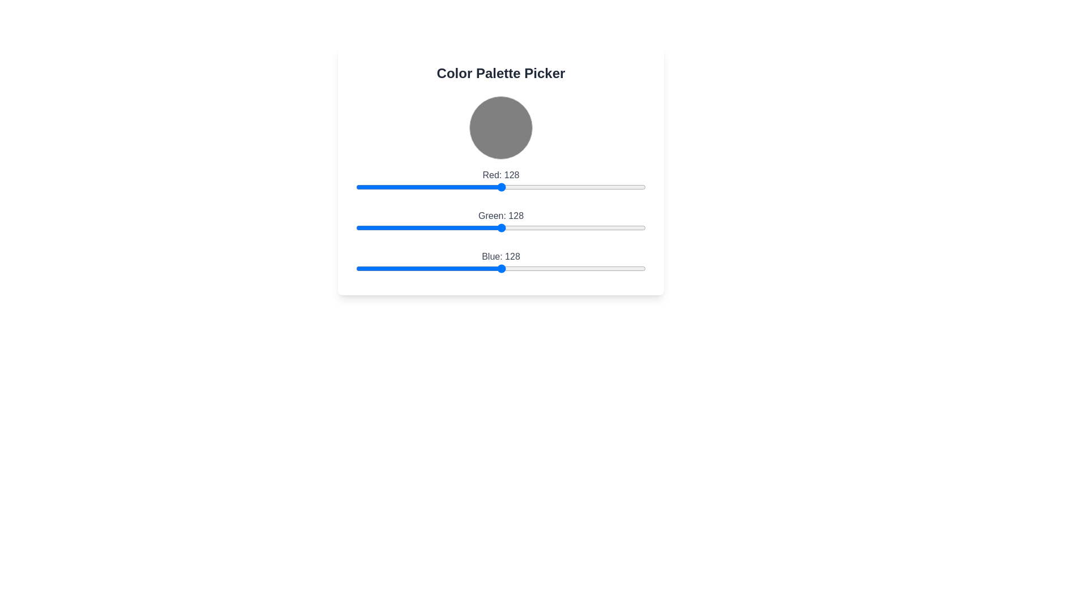 This screenshot has height=611, width=1087. I want to click on the green color value, so click(567, 227).